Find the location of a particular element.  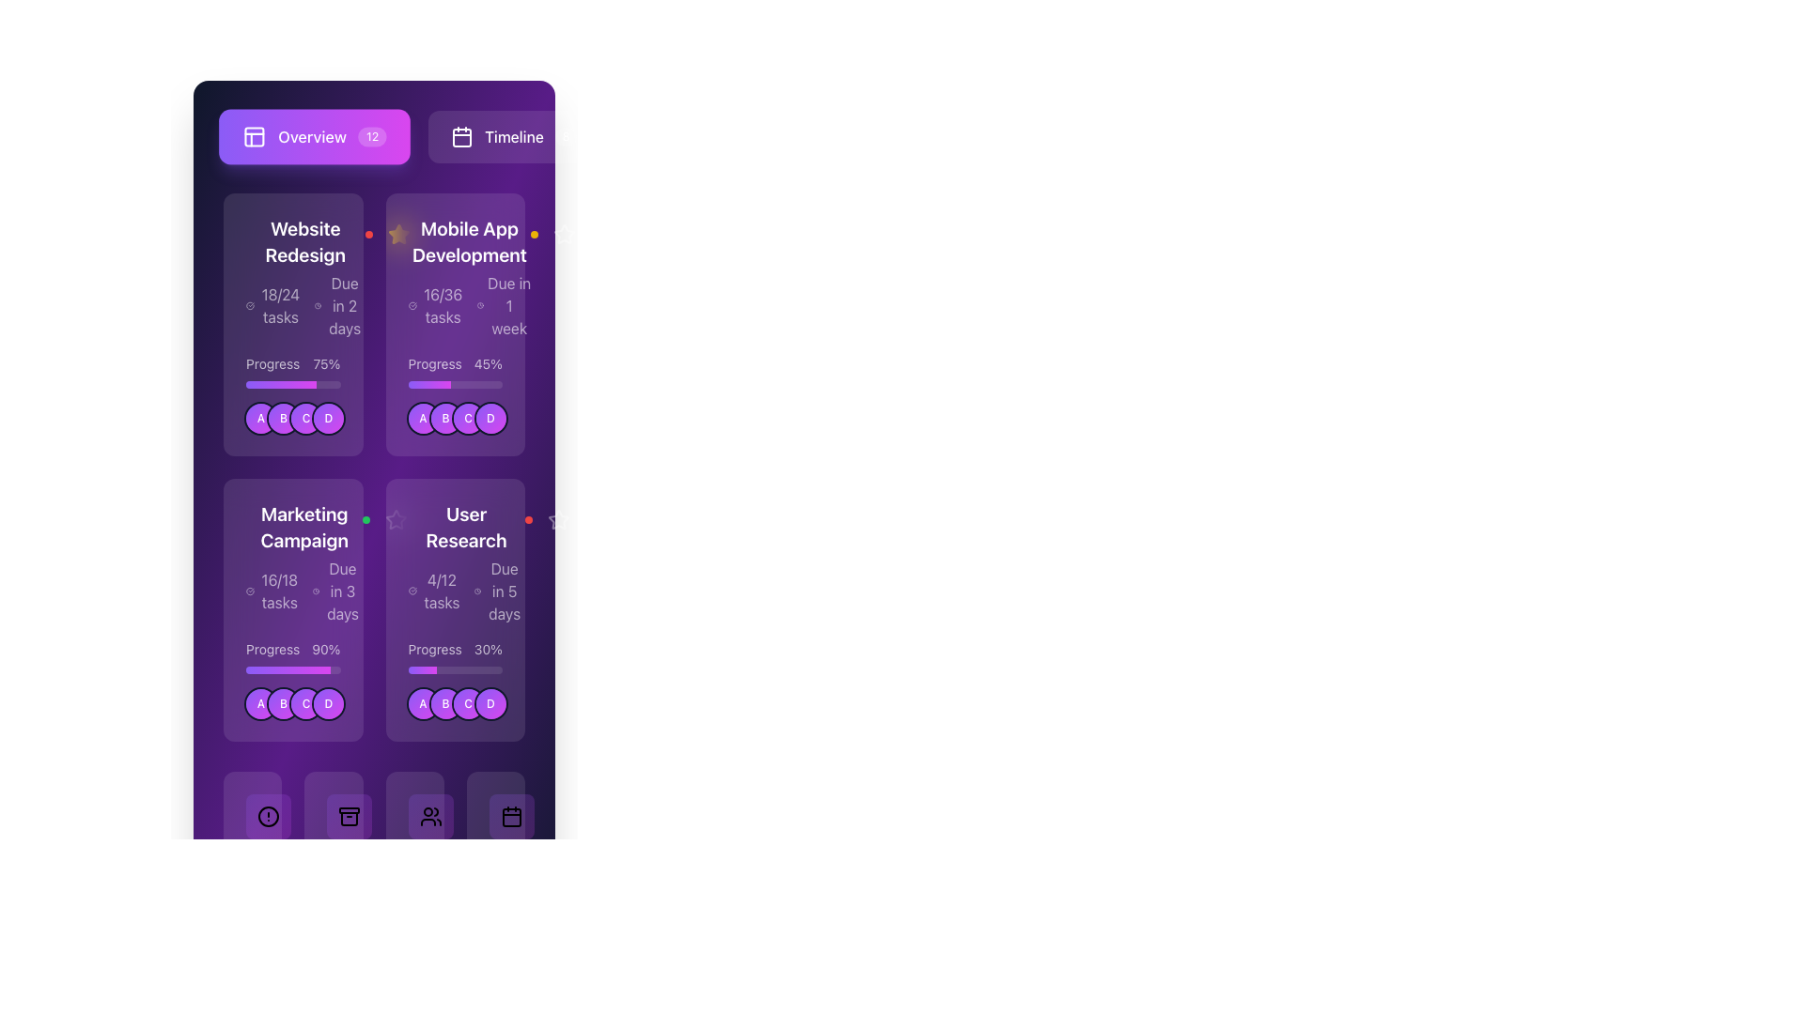

the Icon button, which is a rounded rectangle with a gradient background transitioning from violet to fuchsia, located in the bottom left corner of a row of icons is located at coordinates (268, 816).